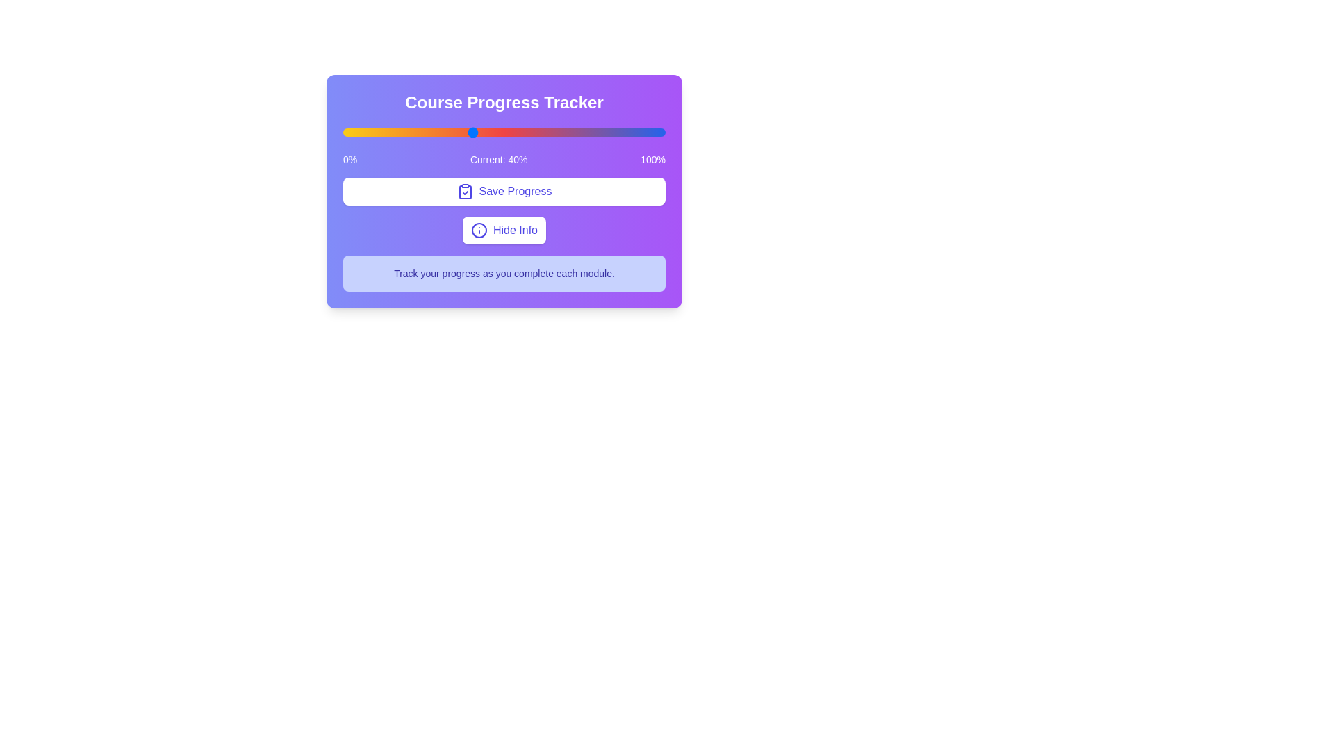  What do you see at coordinates (450, 133) in the screenshot?
I see `the course progress` at bounding box center [450, 133].